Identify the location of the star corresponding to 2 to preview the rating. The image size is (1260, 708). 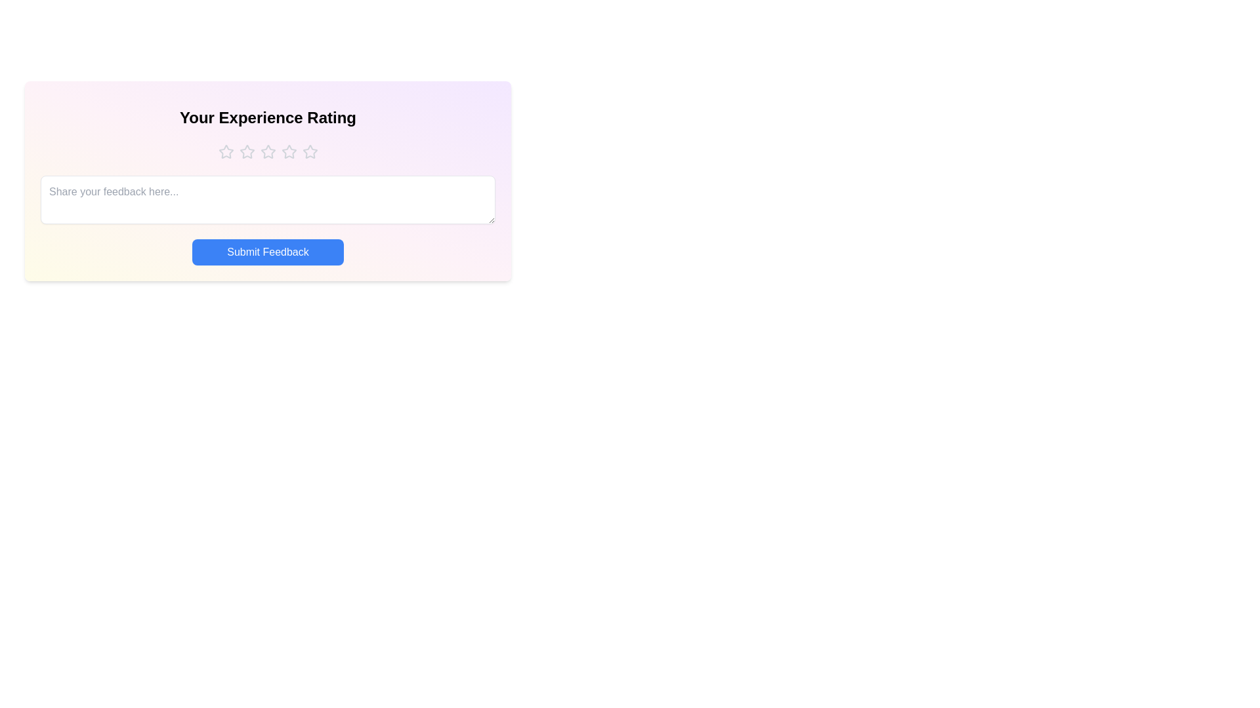
(247, 151).